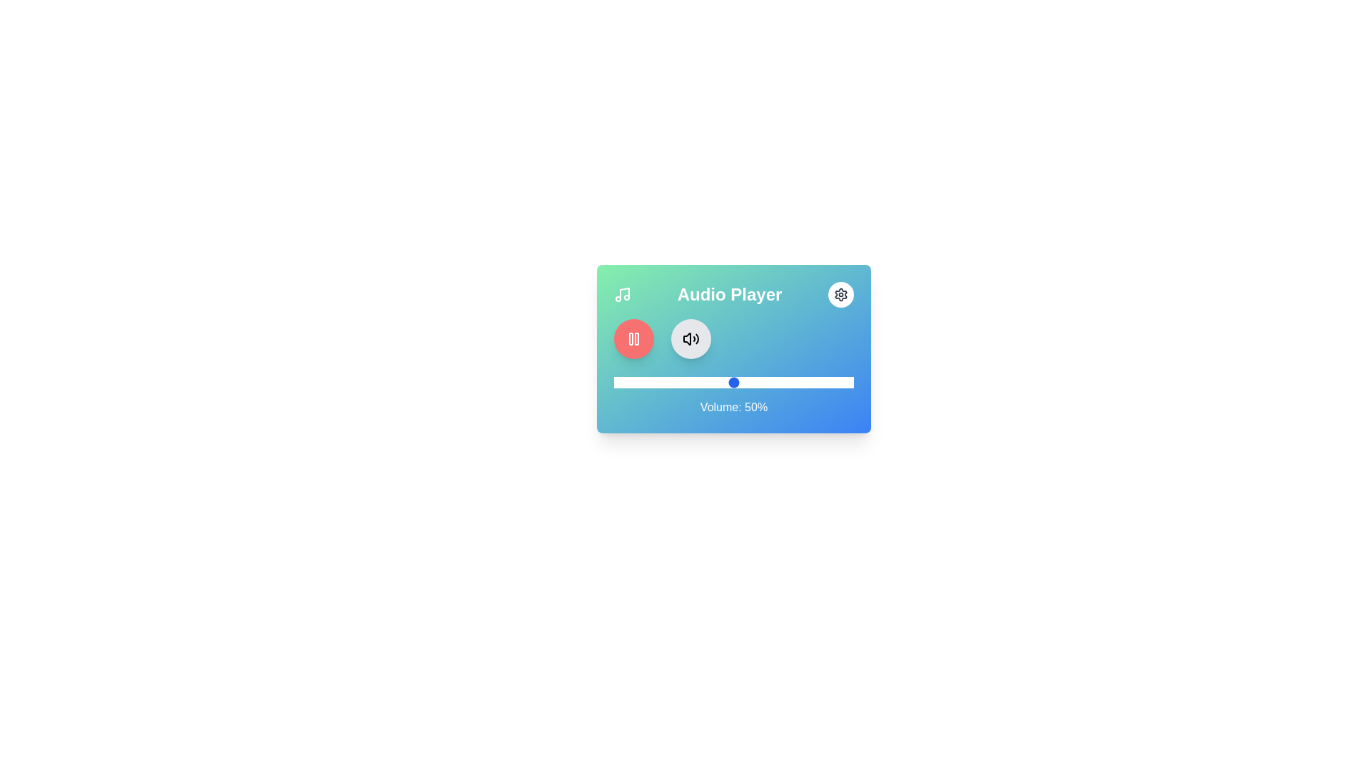 Image resolution: width=1371 pixels, height=771 pixels. Describe the element at coordinates (687, 338) in the screenshot. I see `the speaker icon representing volume control in the audio player interface by clicking on it to access associated functionality` at that location.